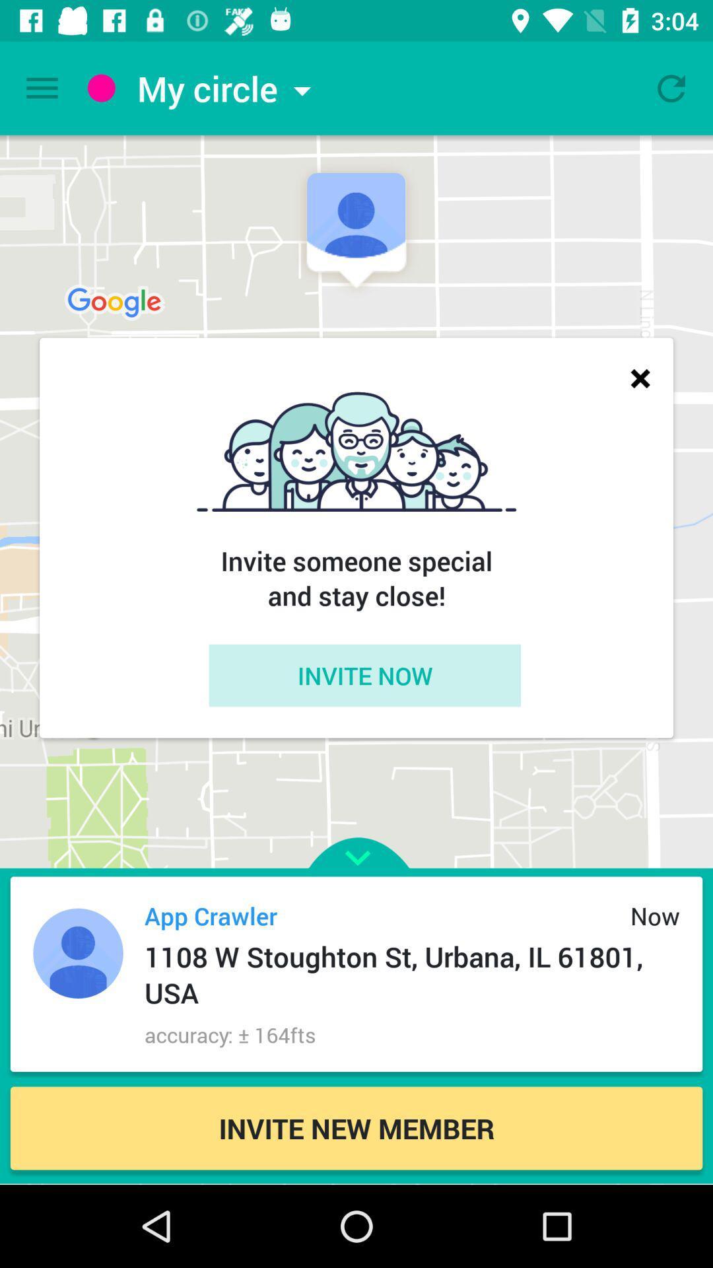 Image resolution: width=713 pixels, height=1268 pixels. Describe the element at coordinates (364, 675) in the screenshot. I see `invite now item` at that location.